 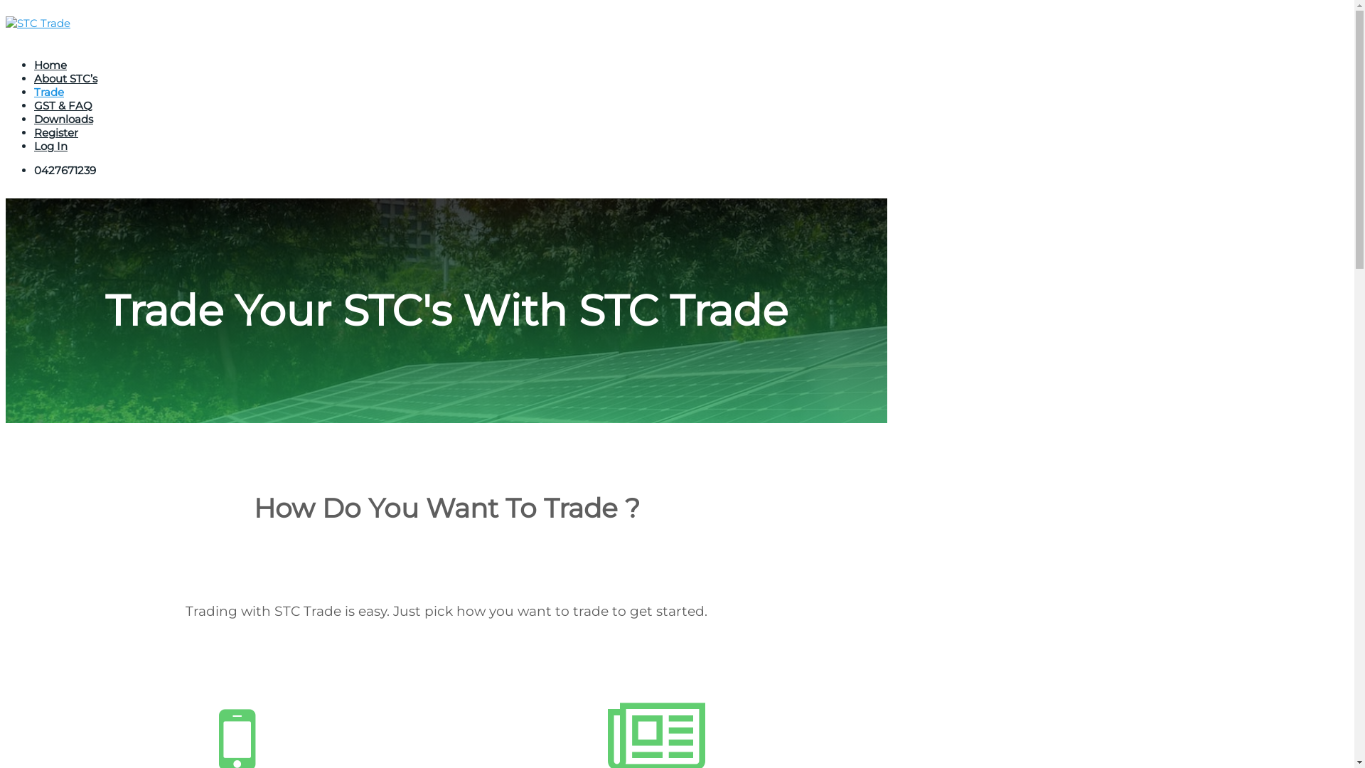 I want to click on 'Downloads', so click(x=63, y=118).